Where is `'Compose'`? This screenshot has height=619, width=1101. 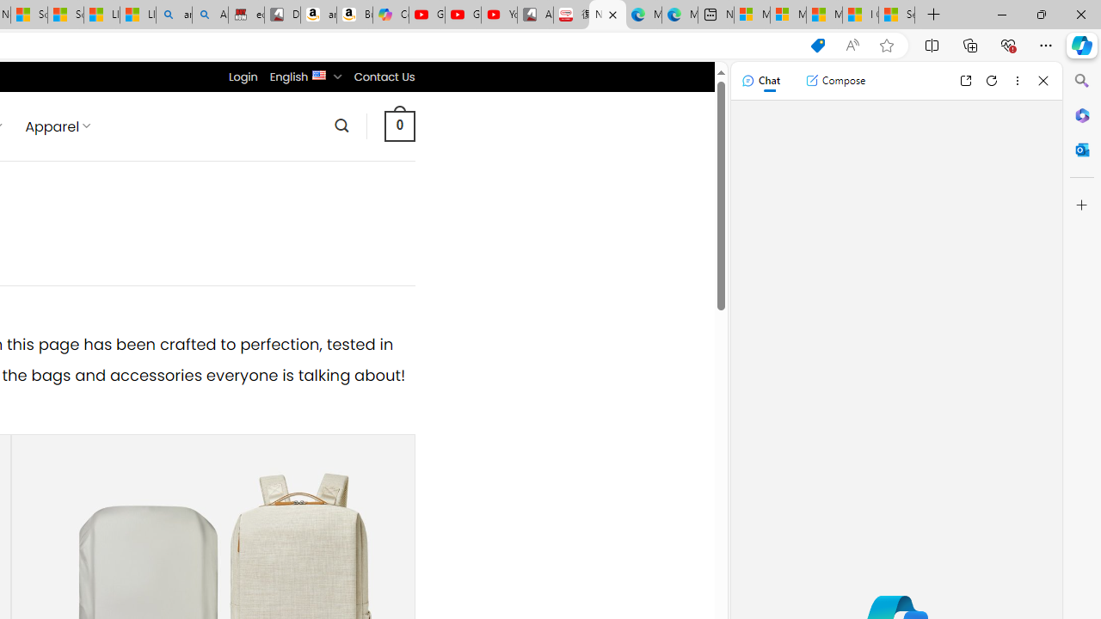
'Compose' is located at coordinates (835, 80).